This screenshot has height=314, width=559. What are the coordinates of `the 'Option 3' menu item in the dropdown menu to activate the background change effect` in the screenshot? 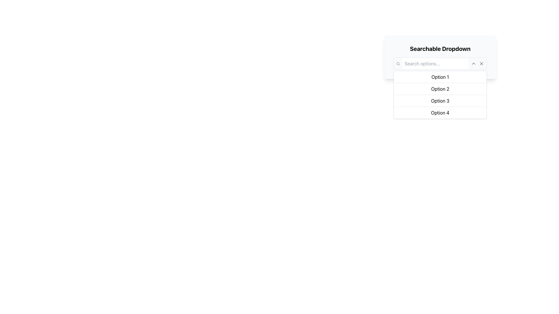 It's located at (440, 100).